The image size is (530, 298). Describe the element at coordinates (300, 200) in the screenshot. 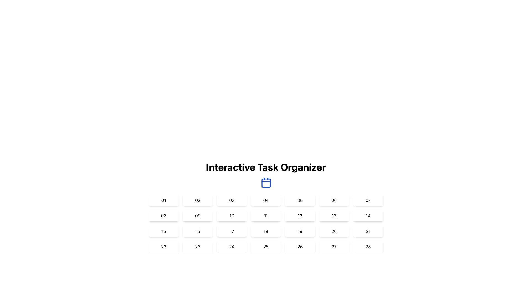

I see `the button displaying '05' in bold, located in the first row, fifth column of the grid under the header 'Interactive Task Organizer' to trigger a visual effect` at that location.